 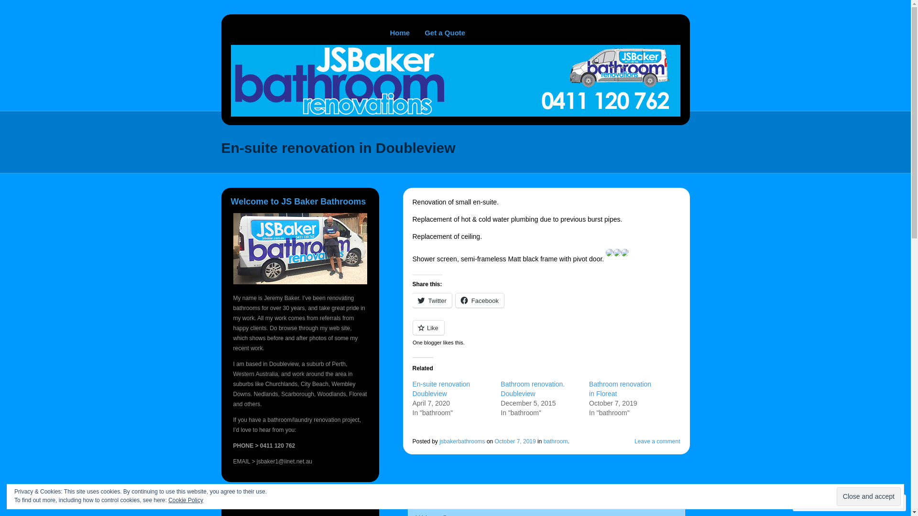 What do you see at coordinates (186, 499) in the screenshot?
I see `'Cookie Policy'` at bounding box center [186, 499].